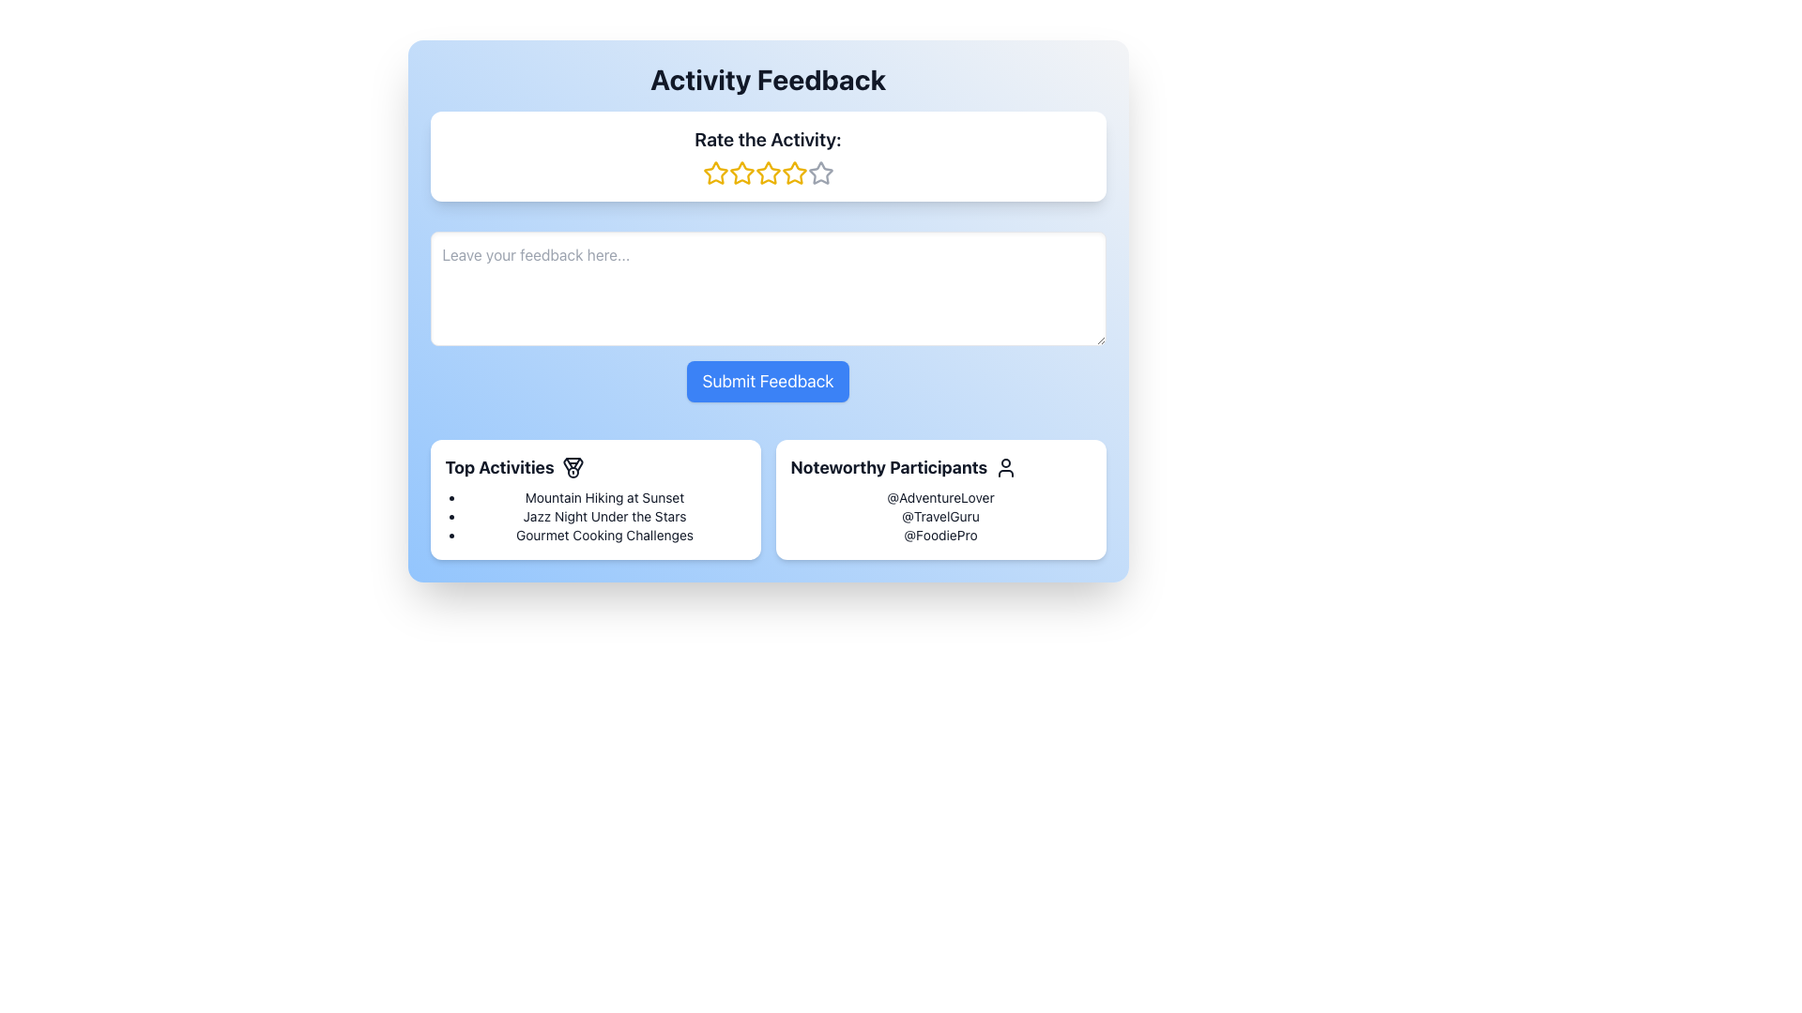 The width and height of the screenshot is (1802, 1013). Describe the element at coordinates (768, 381) in the screenshot. I see `the 'Submit Feedback' button, which is a rectangular button with rounded corners, a blue background, and white text` at that location.